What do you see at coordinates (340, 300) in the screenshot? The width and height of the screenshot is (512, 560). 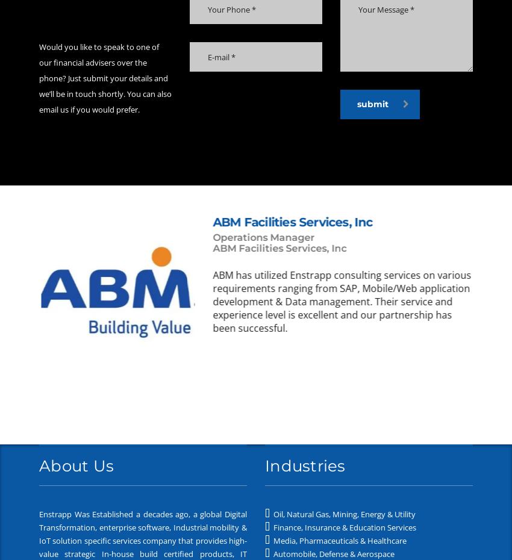 I see `'ABM has utilized Enstrapp consulting services on various requirements ranging from SAP, Mobile/Web application development & Data management. Their service and experience level is excellent and our partnership has been successful.'` at bounding box center [340, 300].